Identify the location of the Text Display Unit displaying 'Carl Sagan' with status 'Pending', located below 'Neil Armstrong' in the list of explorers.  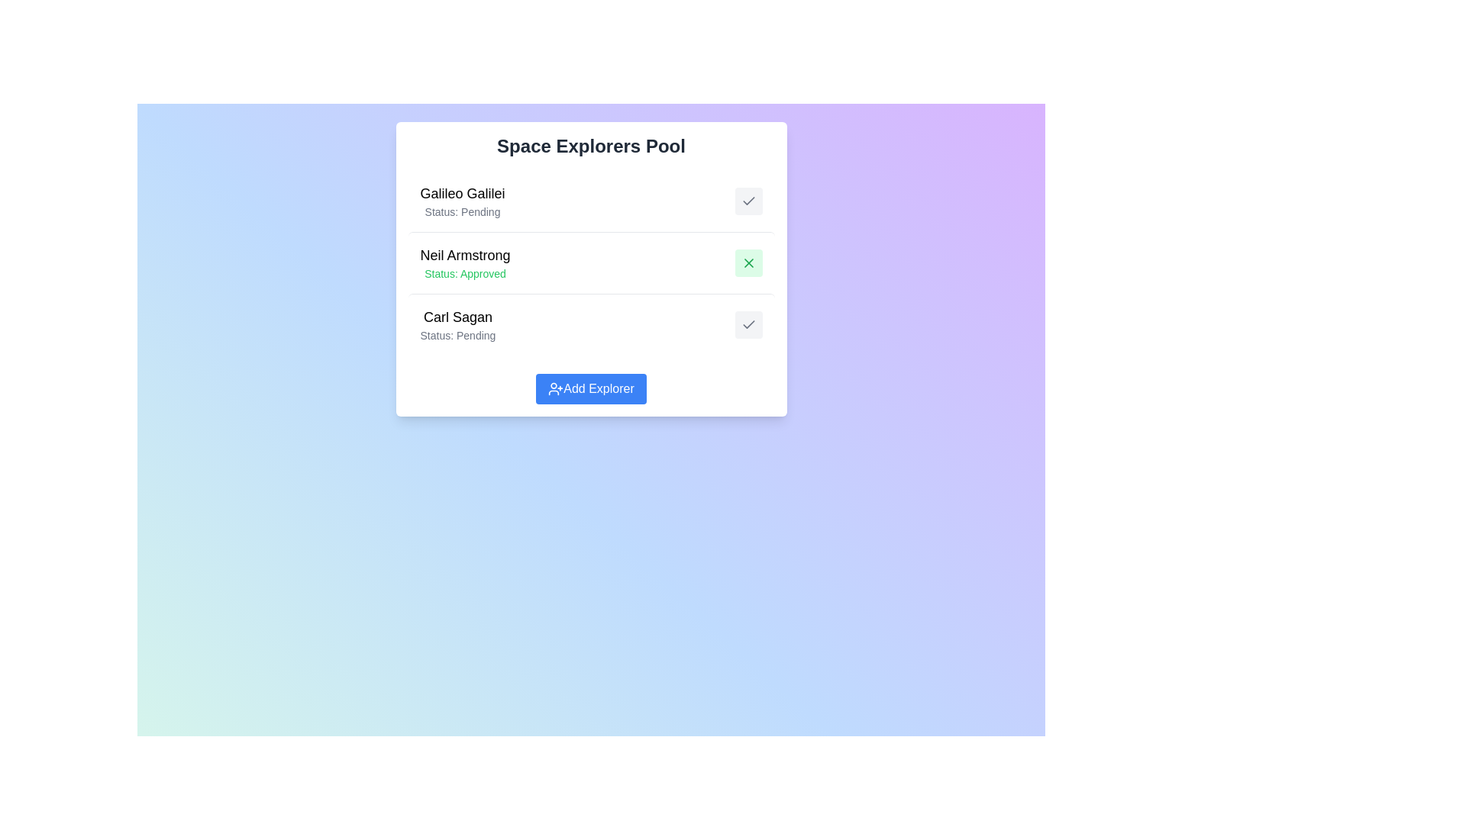
(457, 323).